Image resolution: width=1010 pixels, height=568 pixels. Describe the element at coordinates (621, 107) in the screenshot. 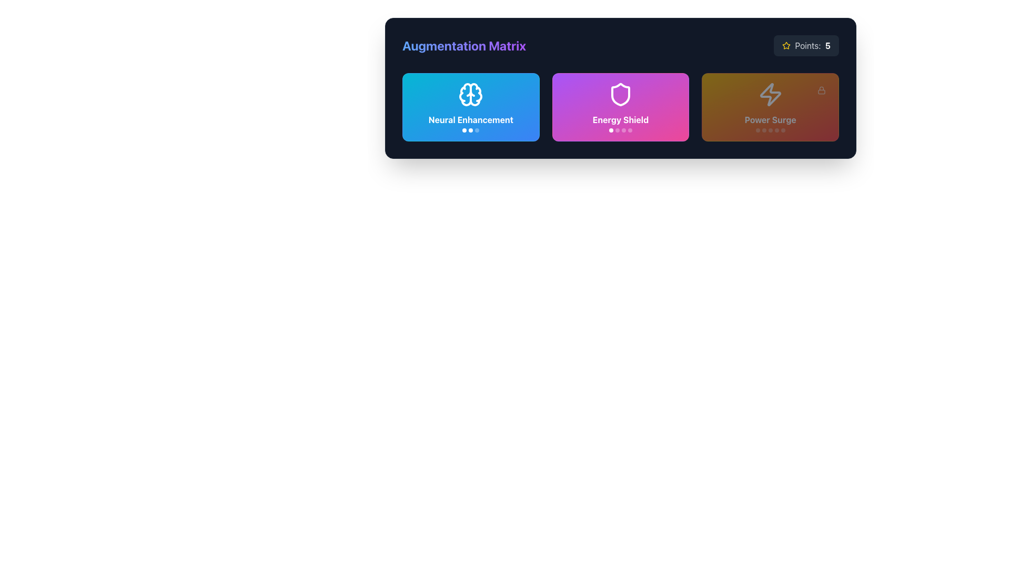

I see `the 'Energy Shield' feature card located in the middle column of the 'Augmentation Matrix'` at that location.